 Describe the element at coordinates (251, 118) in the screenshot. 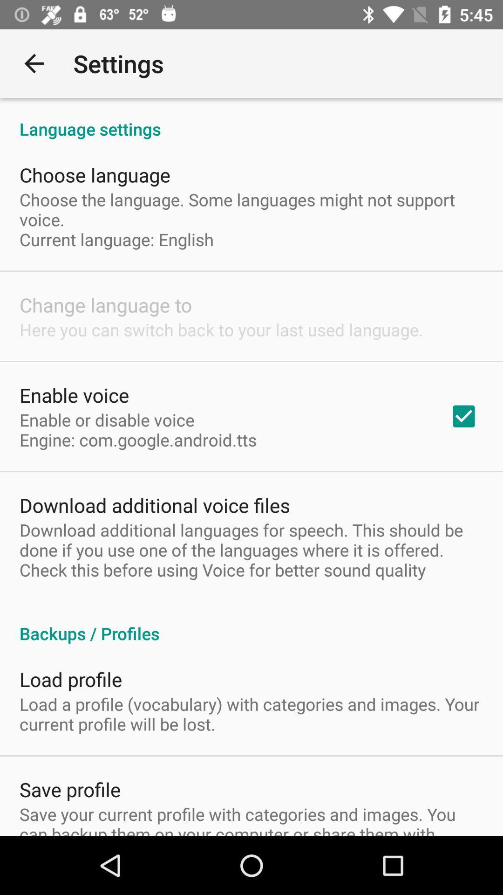

I see `the language settings app` at that location.